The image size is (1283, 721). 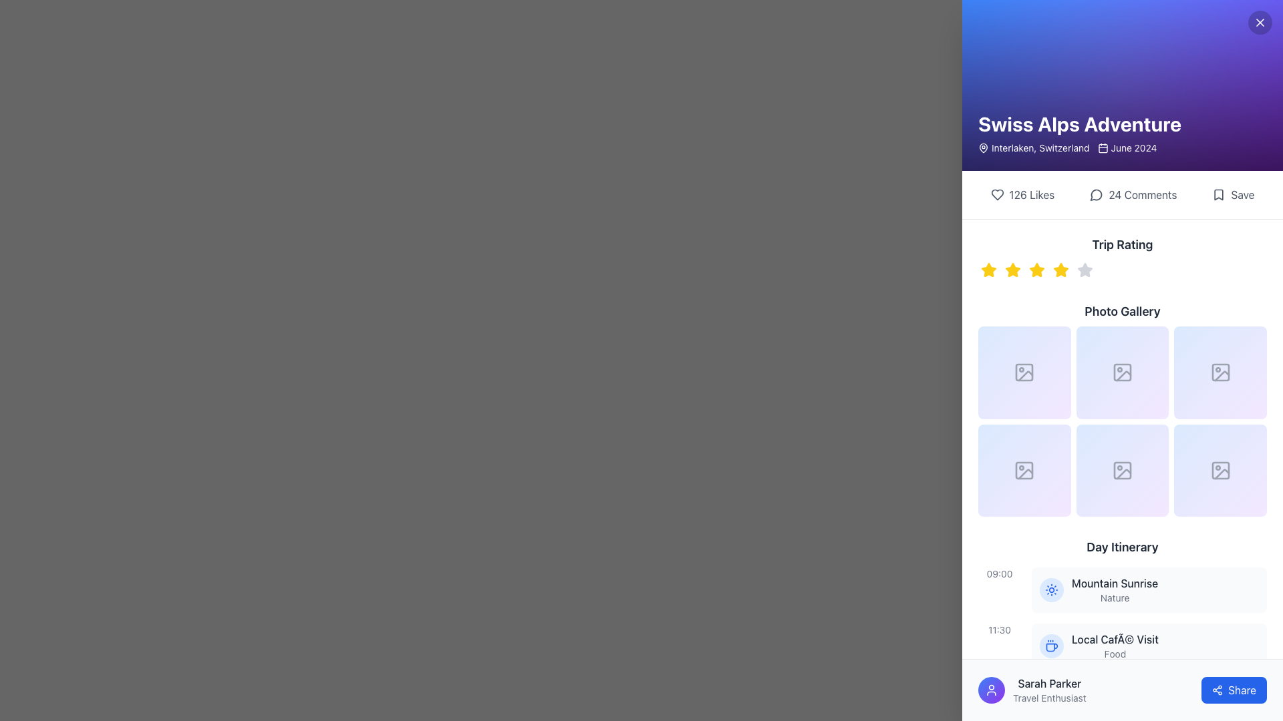 I want to click on the second entry in the Day Itinerary section of the itinerary, which provides details about a planned activity, so click(x=1123, y=646).